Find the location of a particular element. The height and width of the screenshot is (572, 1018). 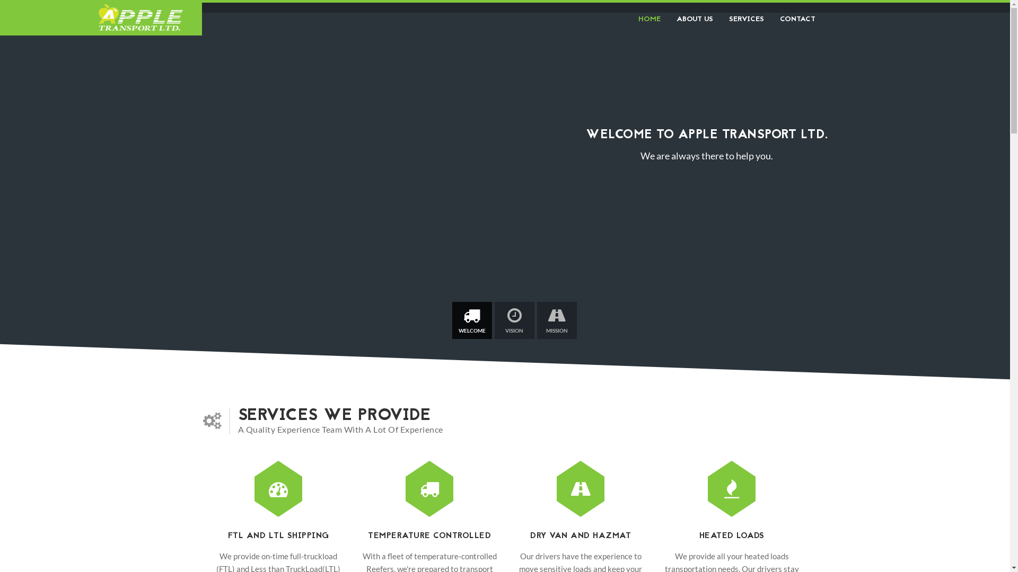

'SERVICES' is located at coordinates (745, 19).